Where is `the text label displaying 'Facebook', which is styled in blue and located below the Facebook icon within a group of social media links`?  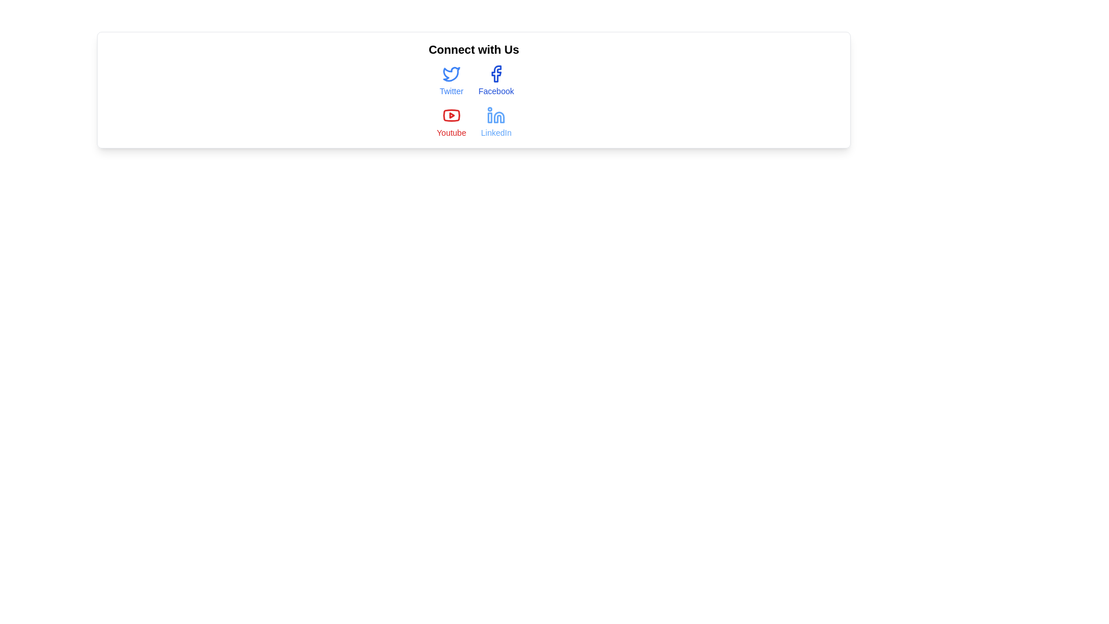 the text label displaying 'Facebook', which is styled in blue and located below the Facebook icon within a group of social media links is located at coordinates (496, 91).